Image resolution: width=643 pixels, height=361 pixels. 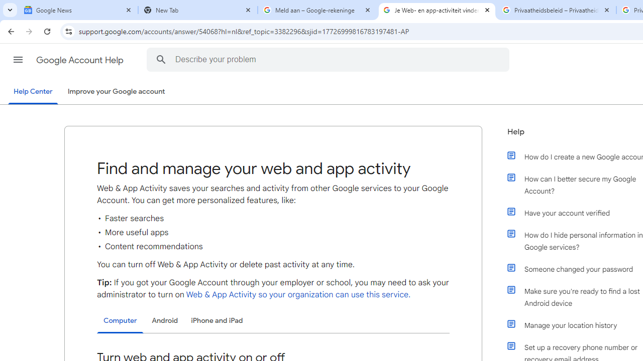 What do you see at coordinates (165, 320) in the screenshot?
I see `'Android'` at bounding box center [165, 320].